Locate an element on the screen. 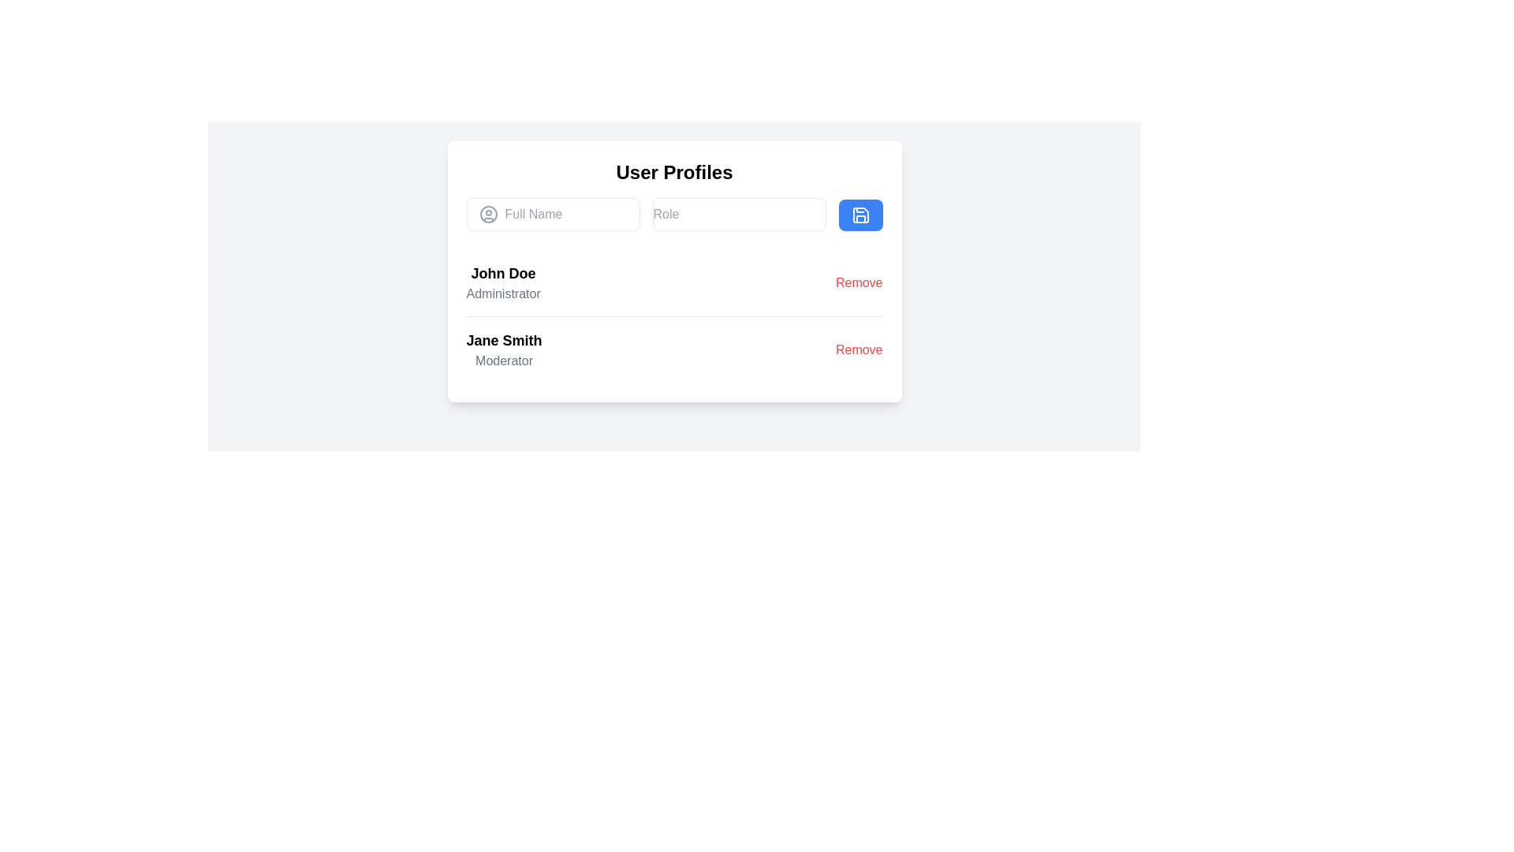 Image resolution: width=1514 pixels, height=852 pixels. the text display that shows the user name 'John Doe' within the user profile card, located above the text 'Administrator' is located at coordinates (502, 273).